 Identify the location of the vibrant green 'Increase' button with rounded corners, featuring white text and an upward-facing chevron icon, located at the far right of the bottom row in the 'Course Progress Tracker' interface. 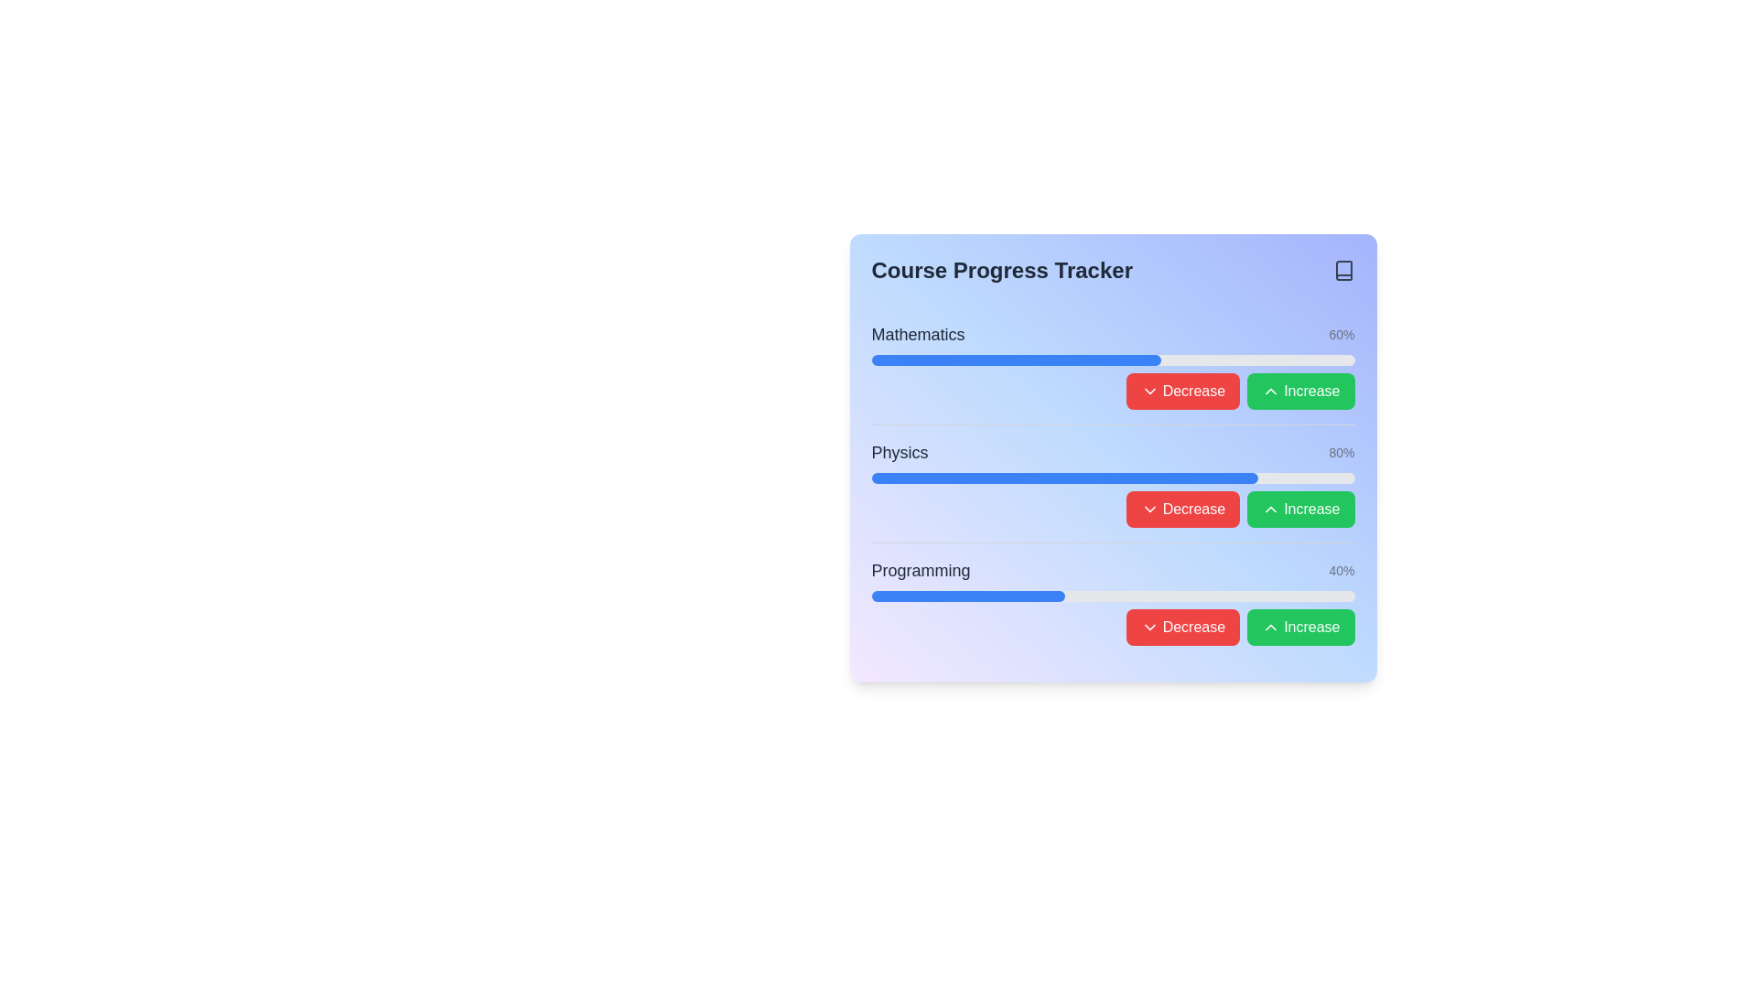
(1299, 627).